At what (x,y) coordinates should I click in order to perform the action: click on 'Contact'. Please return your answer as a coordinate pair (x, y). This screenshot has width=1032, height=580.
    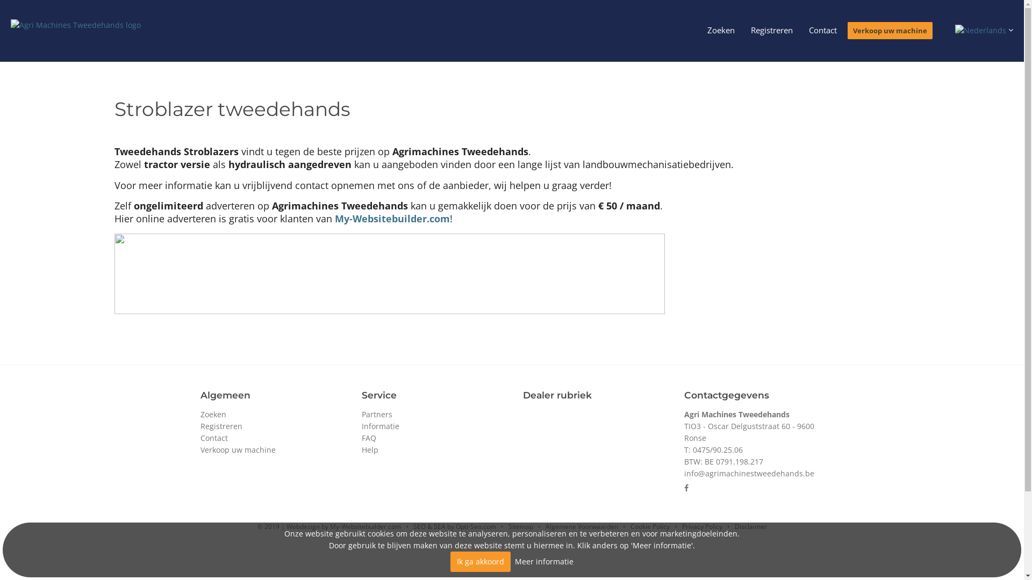
    Looking at the image, I should click on (822, 30).